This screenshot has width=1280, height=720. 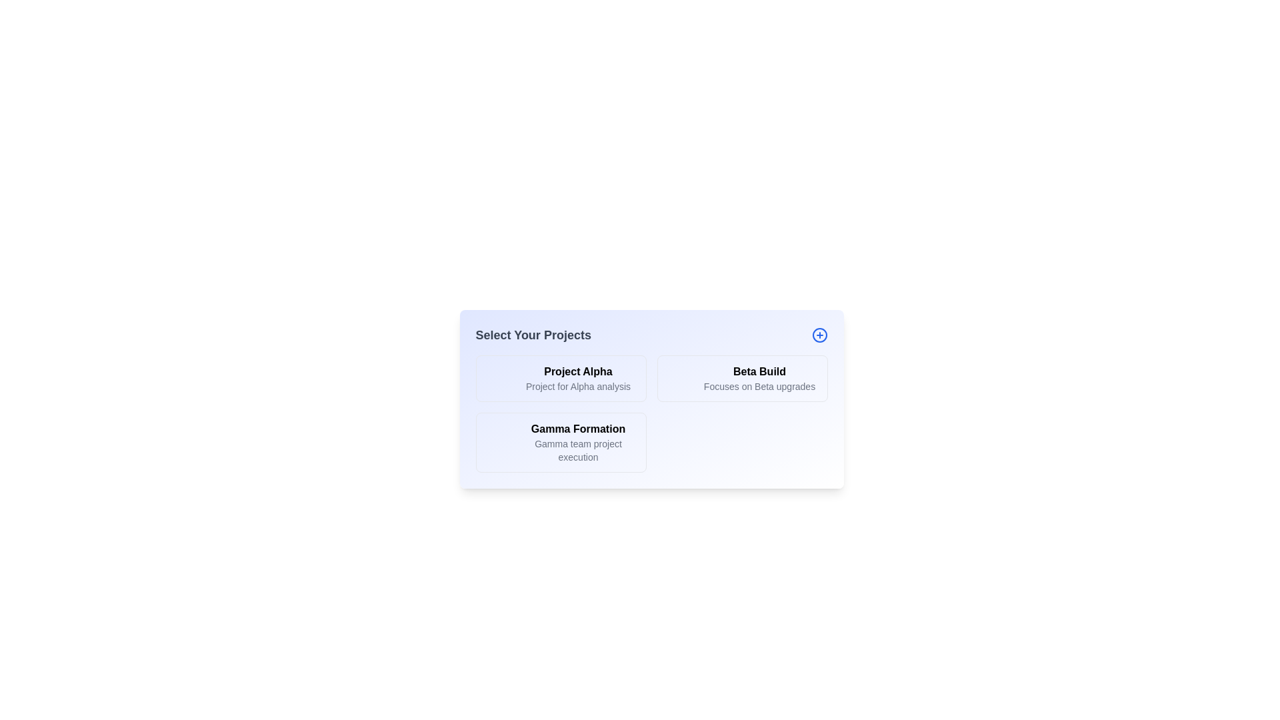 What do you see at coordinates (578, 450) in the screenshot?
I see `the text label displaying 'Gamma team project execution', which is located below 'Gamma Formation' in the third project card from the left` at bounding box center [578, 450].